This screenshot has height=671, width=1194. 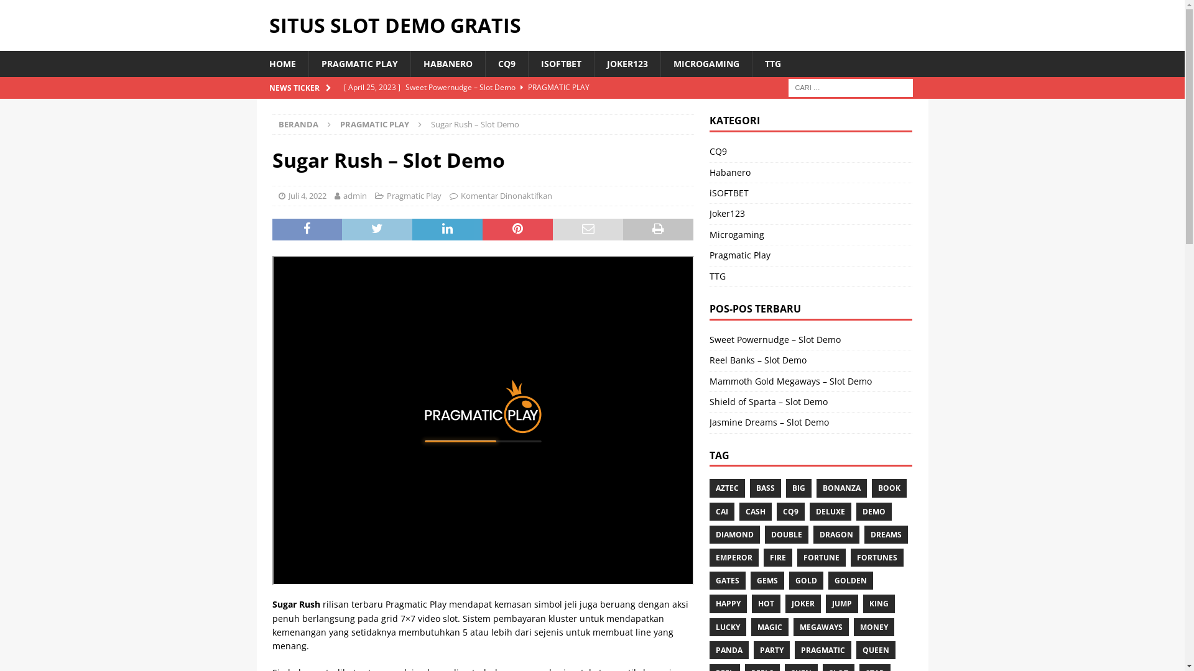 I want to click on 'CASH', so click(x=754, y=511).